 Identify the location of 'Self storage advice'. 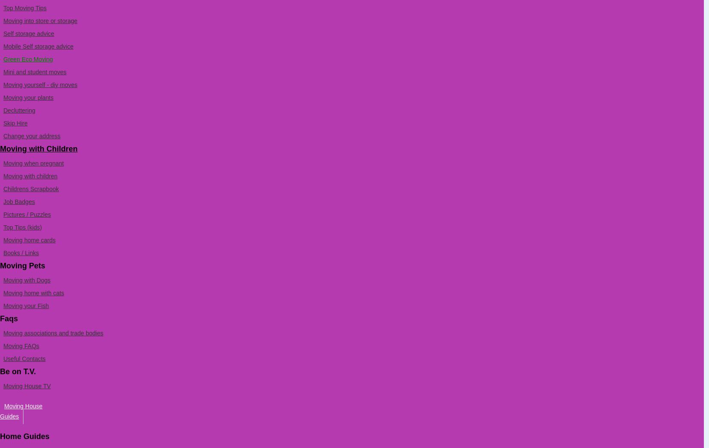
(28, 33).